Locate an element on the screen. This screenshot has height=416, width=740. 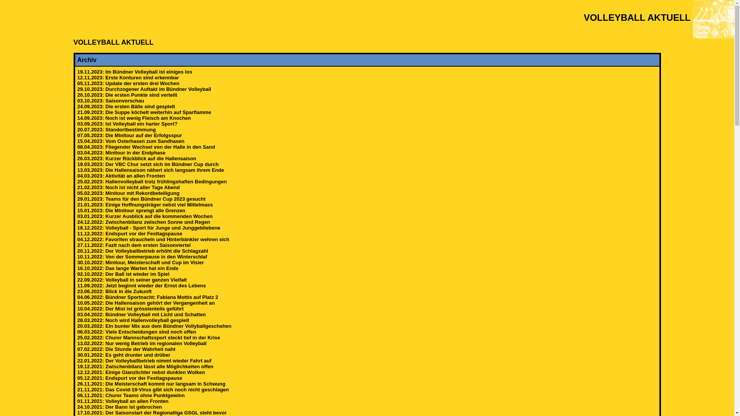
'11.12.2022: Endspurt vor der Festtagspause' is located at coordinates (129, 233).